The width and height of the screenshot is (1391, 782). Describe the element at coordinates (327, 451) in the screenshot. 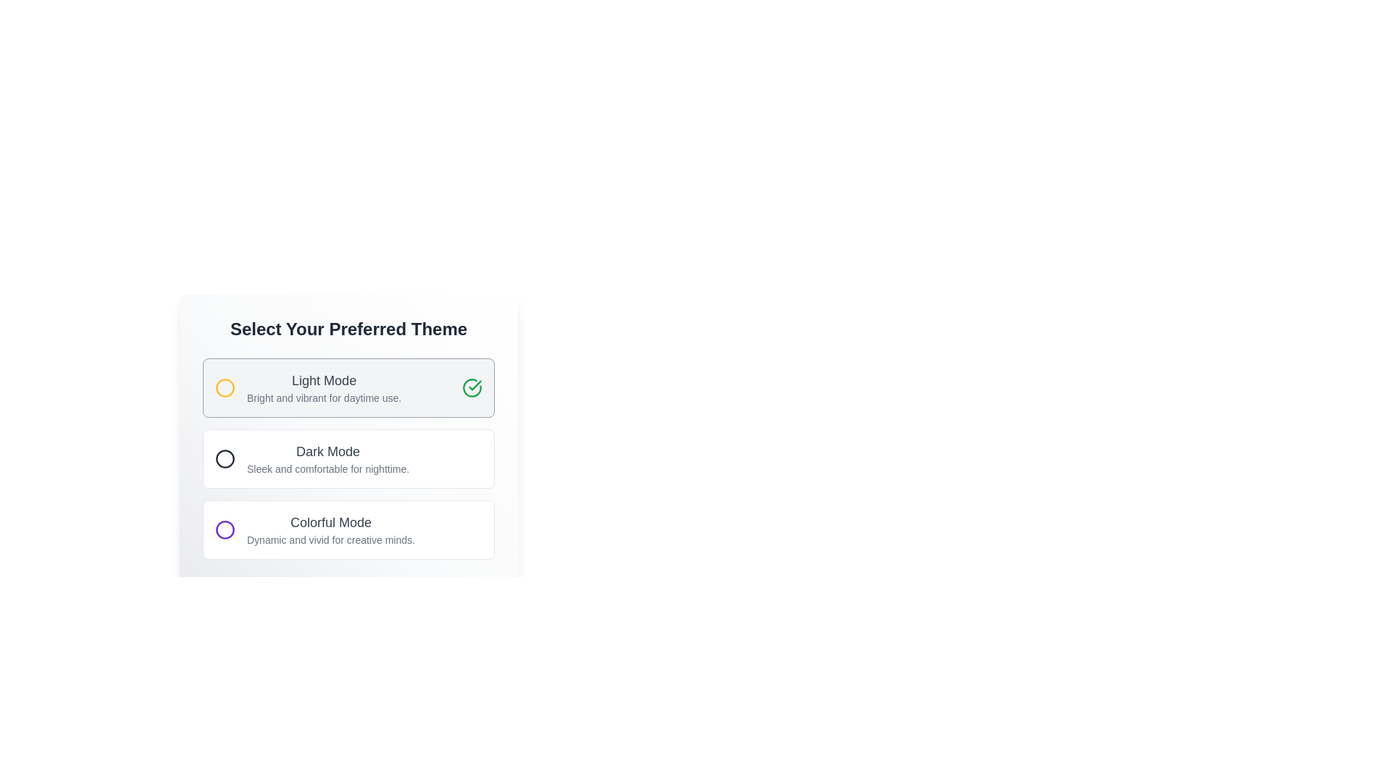

I see `the 'Dark Mode' text label, which is styled as a prominent title within the theme options list` at that location.